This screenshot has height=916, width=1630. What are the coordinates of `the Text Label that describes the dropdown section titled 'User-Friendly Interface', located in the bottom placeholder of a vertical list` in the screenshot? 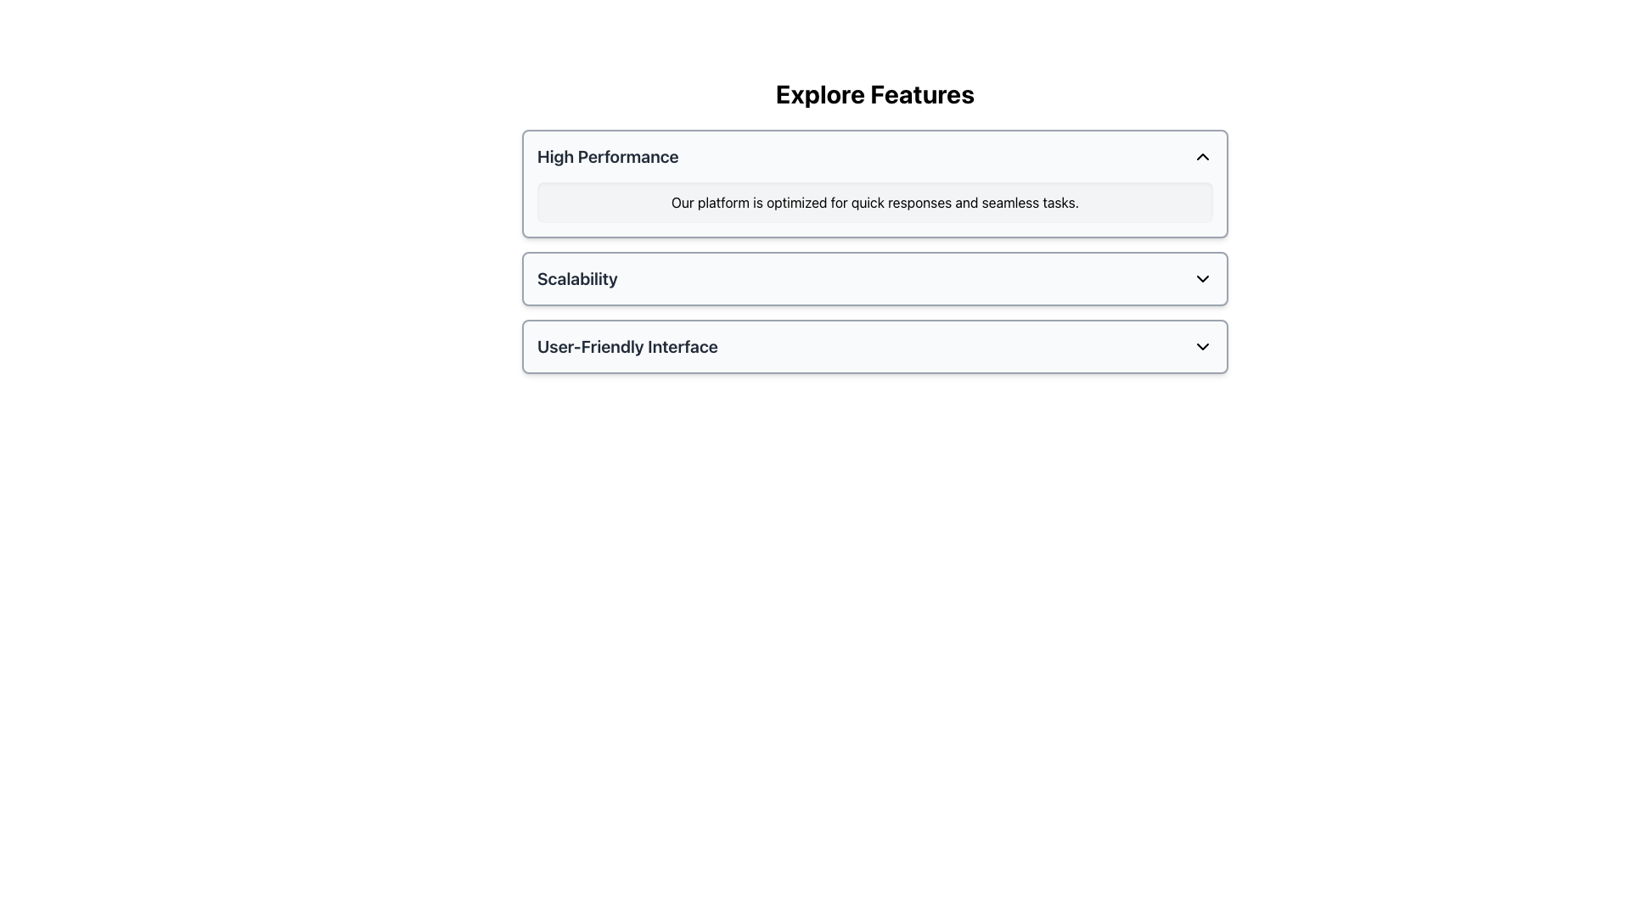 It's located at (627, 345).